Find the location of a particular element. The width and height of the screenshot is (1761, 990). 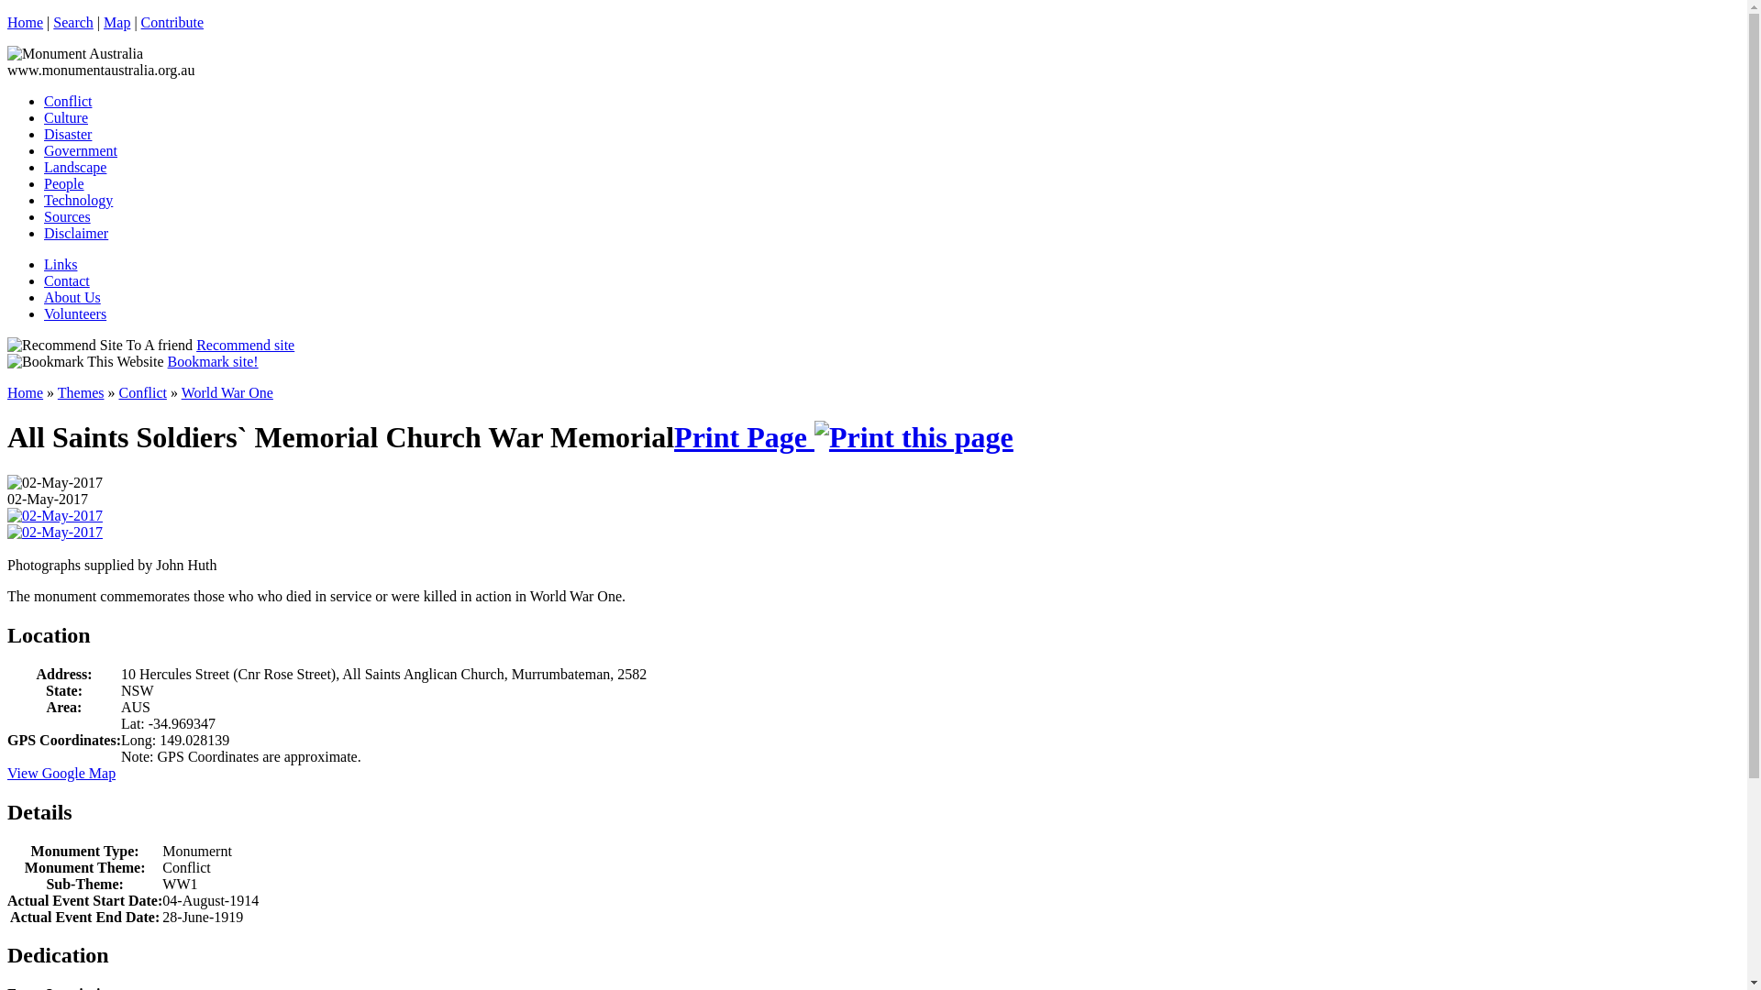

'Contribute' is located at coordinates (172, 22).